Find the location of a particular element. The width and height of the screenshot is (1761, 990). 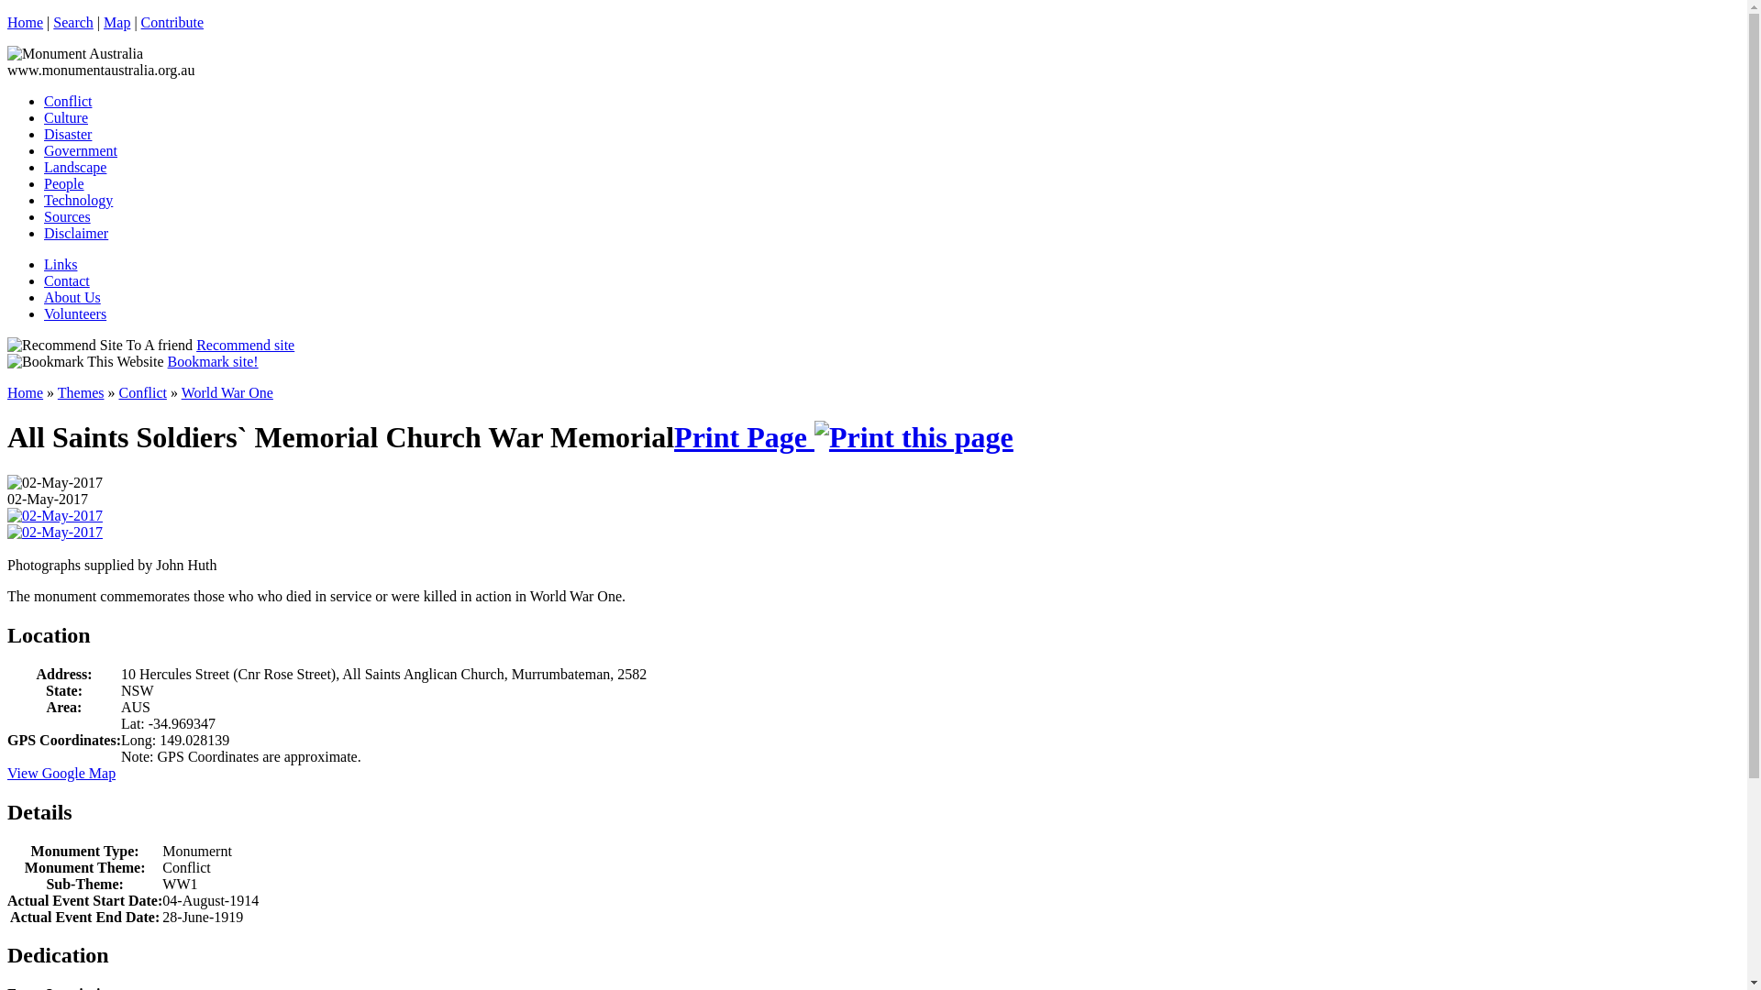

'Contribute' is located at coordinates (172, 22).